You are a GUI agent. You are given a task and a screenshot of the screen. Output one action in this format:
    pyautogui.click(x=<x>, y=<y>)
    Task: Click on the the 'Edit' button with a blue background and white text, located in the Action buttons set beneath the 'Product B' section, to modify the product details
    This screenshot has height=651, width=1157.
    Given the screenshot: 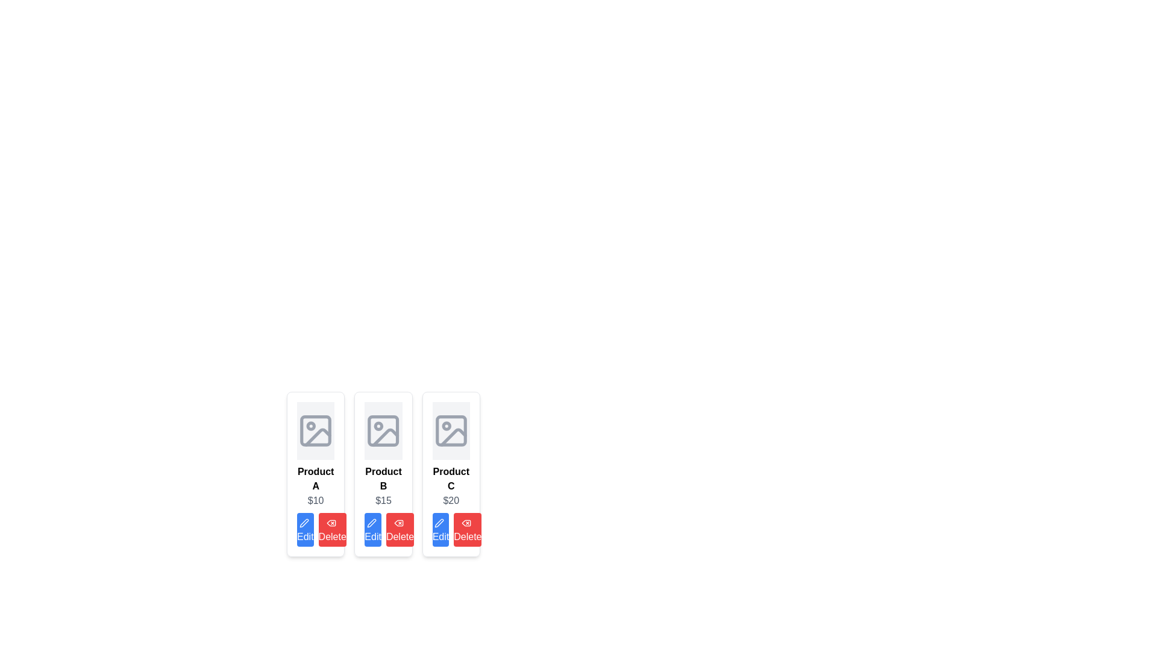 What is the action you would take?
    pyautogui.click(x=383, y=529)
    